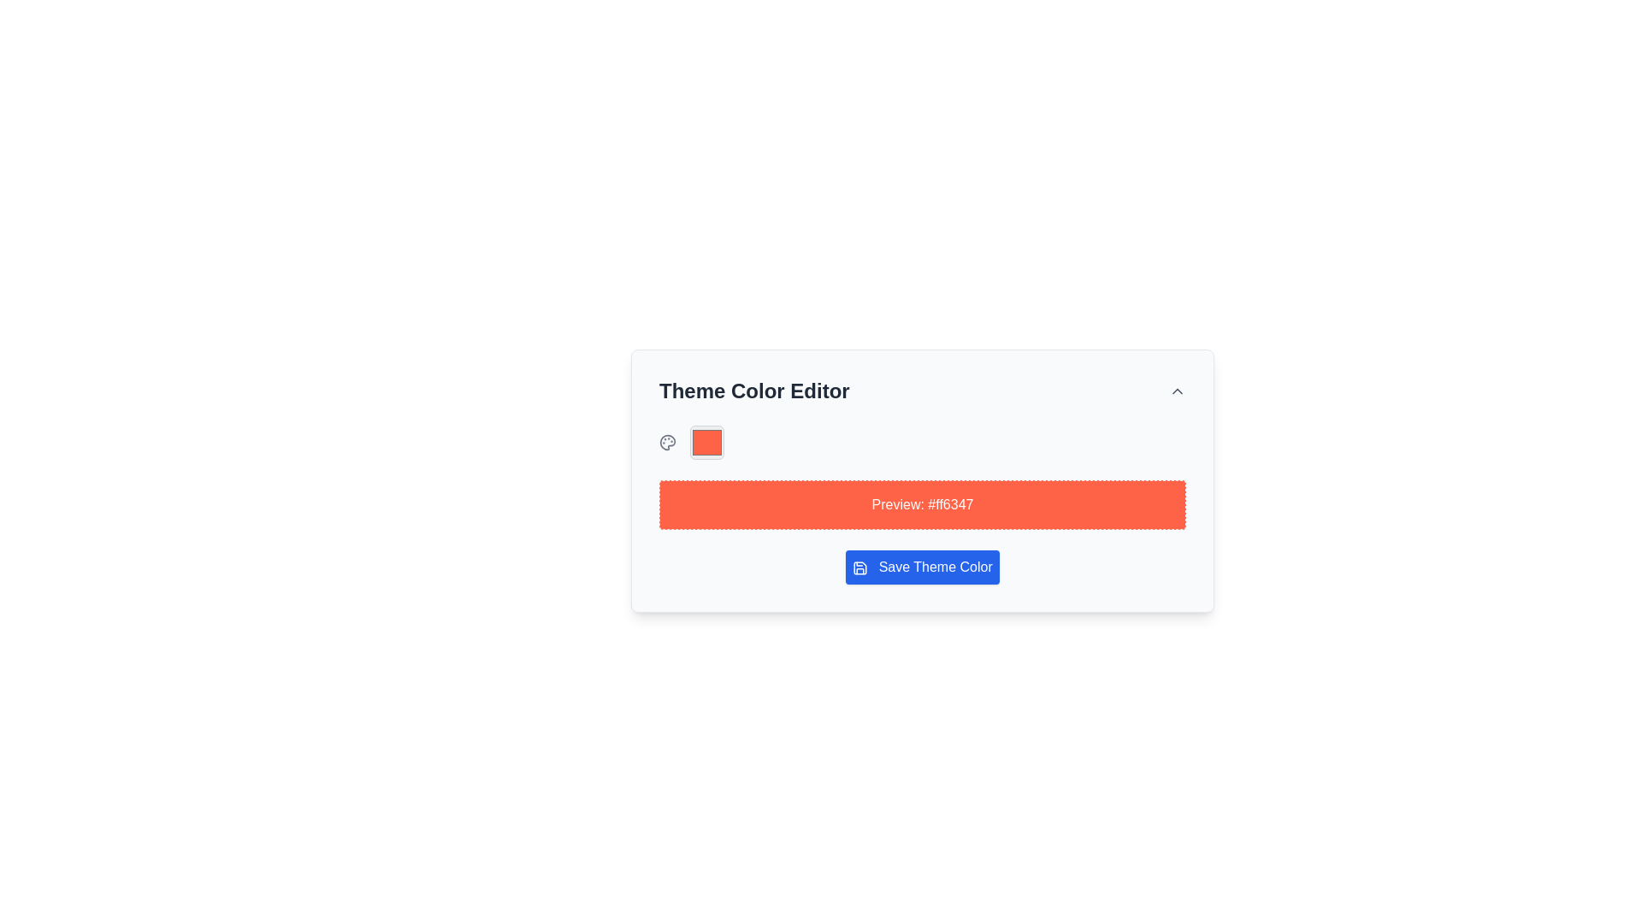 Image resolution: width=1642 pixels, height=923 pixels. Describe the element at coordinates (922, 503) in the screenshot. I see `the Informational Display Box in the Theme Color Editor section, which previews the selected theme color and is located above the Save Theme Color button` at that location.